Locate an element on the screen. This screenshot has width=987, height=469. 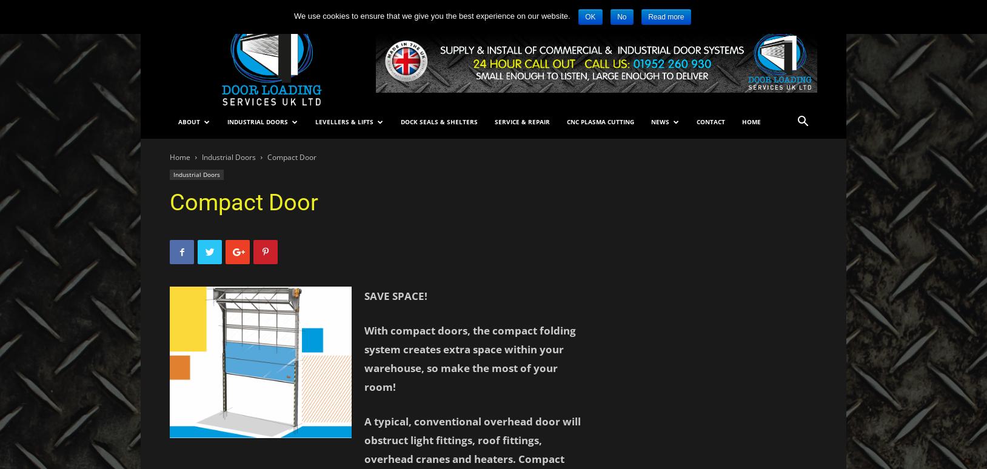
'OK' is located at coordinates (589, 17).